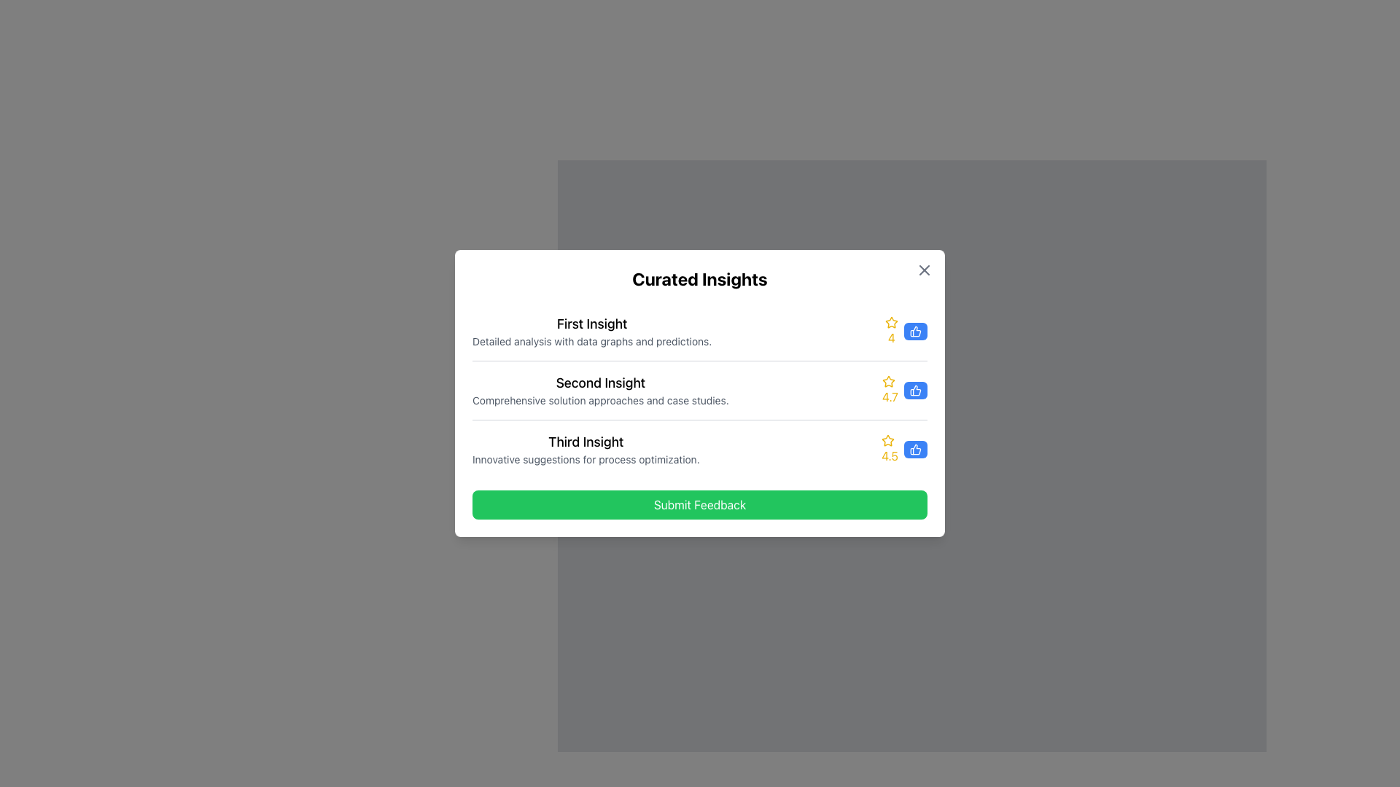  Describe the element at coordinates (600, 382) in the screenshot. I see `text label 'Second Insight', which is styled as a bold and larger title, positioned in the middle of the dialog box above the descriptive text` at that location.